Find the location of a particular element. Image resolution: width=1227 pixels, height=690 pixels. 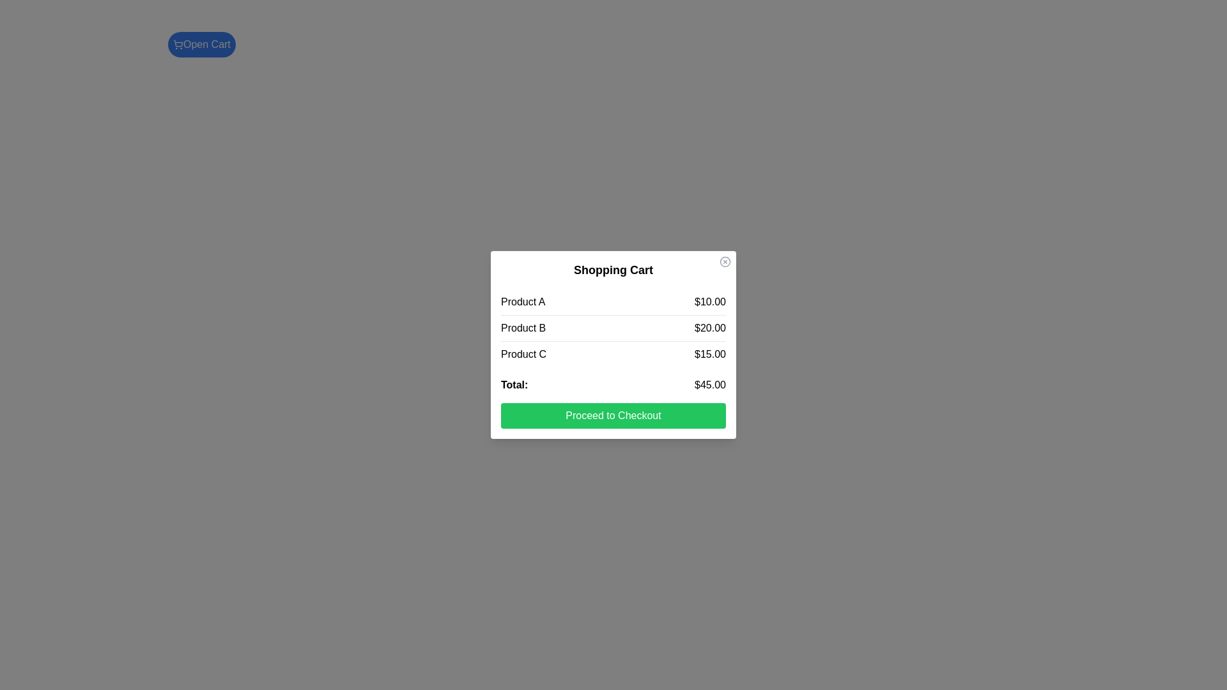

the static textual label indicating the overall total amount, located just above the green 'Proceed to Checkout' button and to the left of the monetary value '$45.00' is located at coordinates (514, 384).